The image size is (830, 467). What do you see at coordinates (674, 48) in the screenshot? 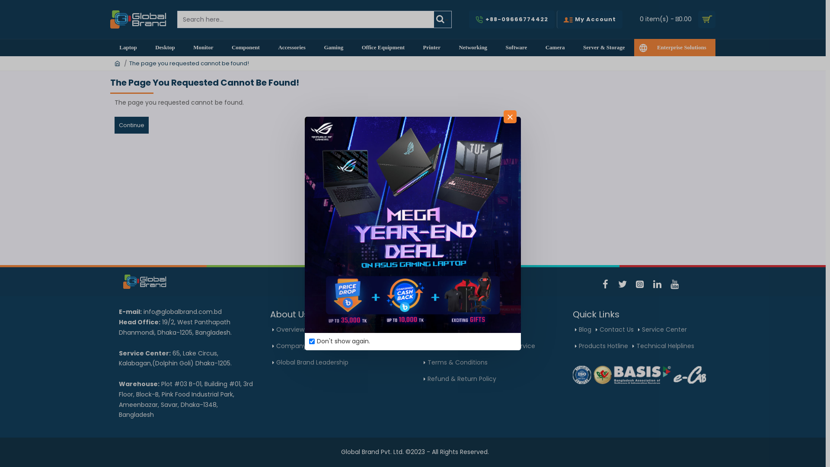
I see `'Enterprise Solutions'` at bounding box center [674, 48].